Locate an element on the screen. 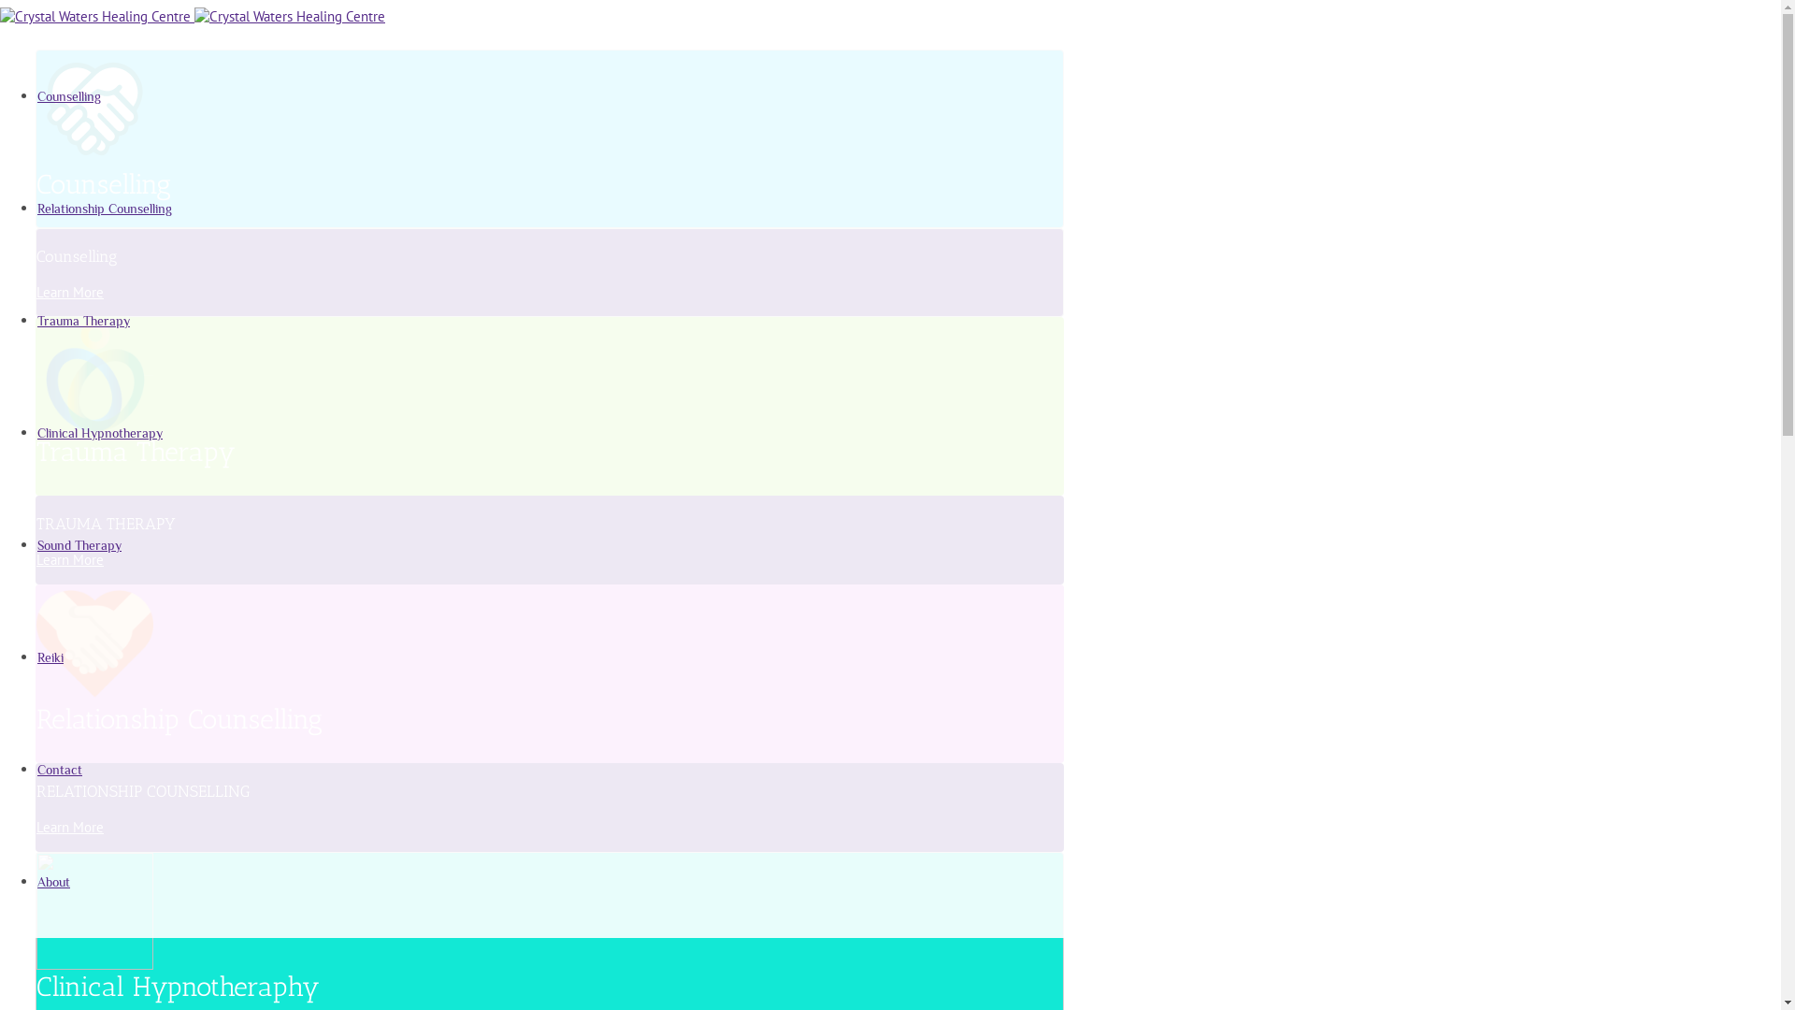  'Learn More' is located at coordinates (36, 292).